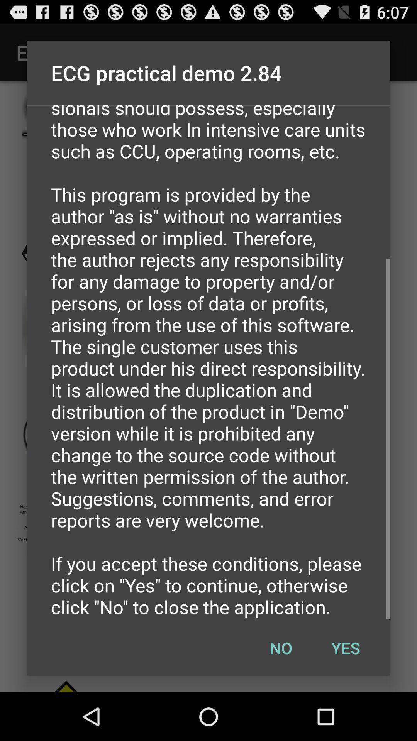 The width and height of the screenshot is (417, 741). What do you see at coordinates (345, 648) in the screenshot?
I see `icon next to the no button` at bounding box center [345, 648].